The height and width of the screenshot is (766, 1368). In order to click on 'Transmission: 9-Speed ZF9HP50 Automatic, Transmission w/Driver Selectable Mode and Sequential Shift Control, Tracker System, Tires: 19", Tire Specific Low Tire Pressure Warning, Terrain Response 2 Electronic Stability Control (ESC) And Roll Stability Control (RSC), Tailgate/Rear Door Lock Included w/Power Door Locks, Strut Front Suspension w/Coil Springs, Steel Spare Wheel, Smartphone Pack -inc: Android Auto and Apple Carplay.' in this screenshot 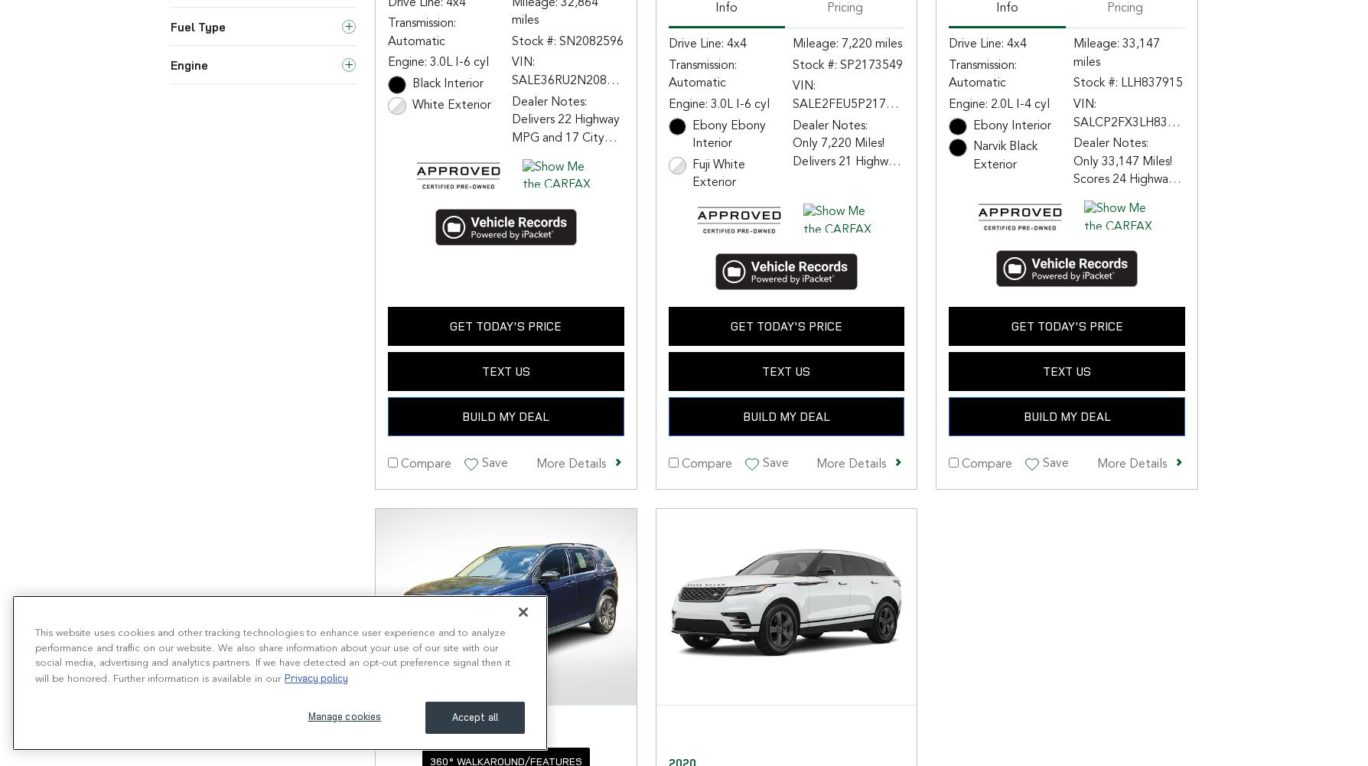, I will do `click(1126, 516)`.